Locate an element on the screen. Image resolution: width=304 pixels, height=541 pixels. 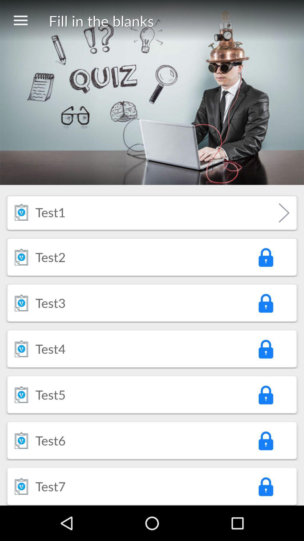
test1 is located at coordinates (50, 212).